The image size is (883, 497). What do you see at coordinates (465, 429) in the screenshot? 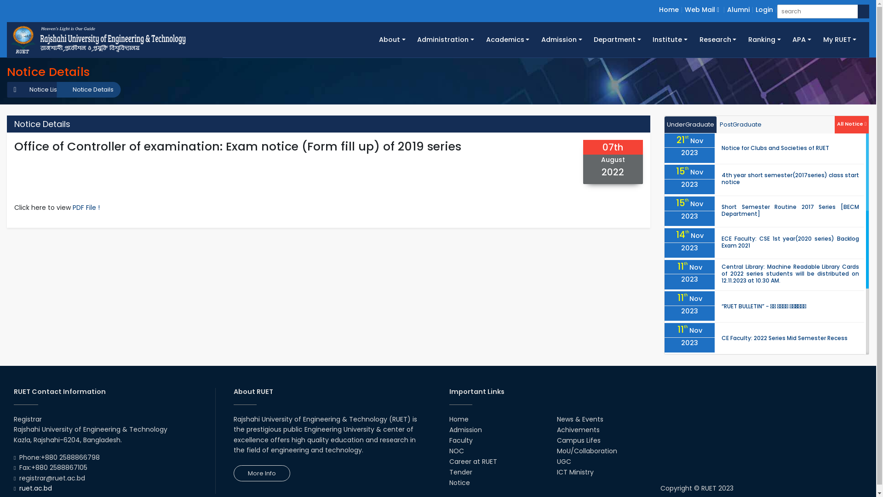
I see `'Admission'` at bounding box center [465, 429].